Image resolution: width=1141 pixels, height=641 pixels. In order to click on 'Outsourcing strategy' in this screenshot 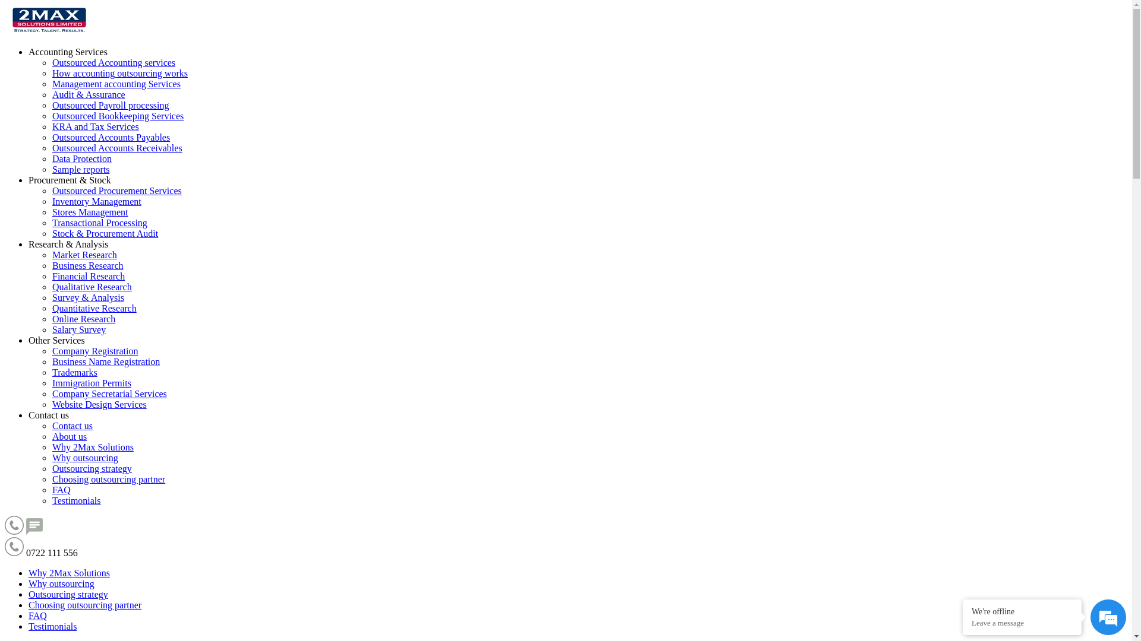, I will do `click(91, 468)`.